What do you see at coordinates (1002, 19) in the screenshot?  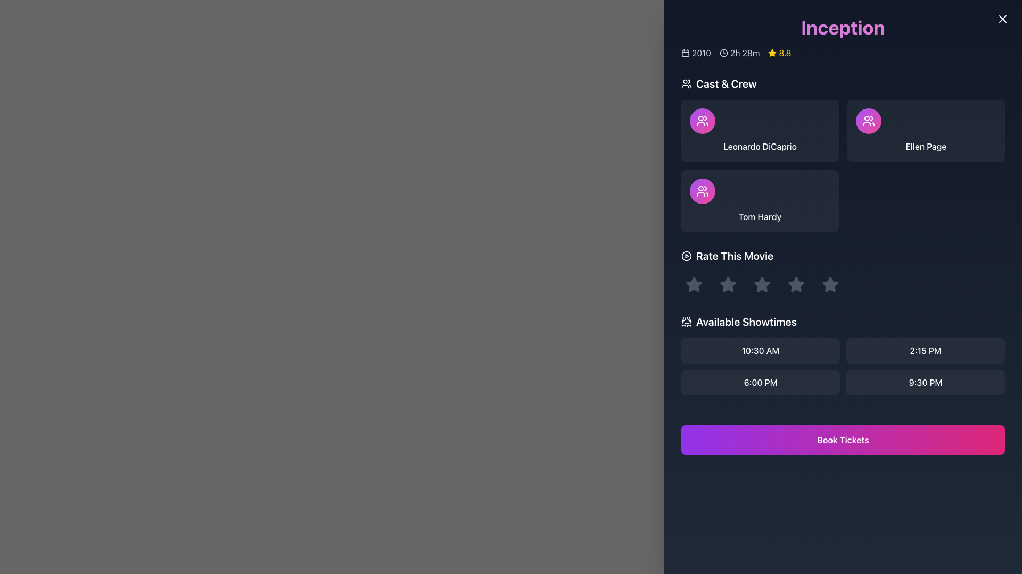 I see `the close icon button, which is an 'X' rendered in a round-white outline style, located in the top-right corner of the interface above the movie title` at bounding box center [1002, 19].